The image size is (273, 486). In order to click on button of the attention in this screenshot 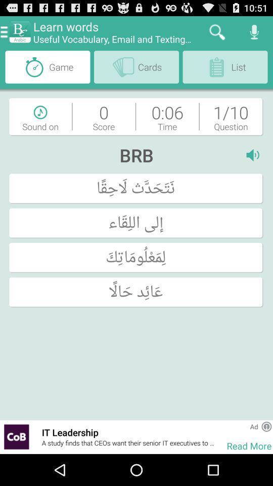, I will do `click(266, 426)`.